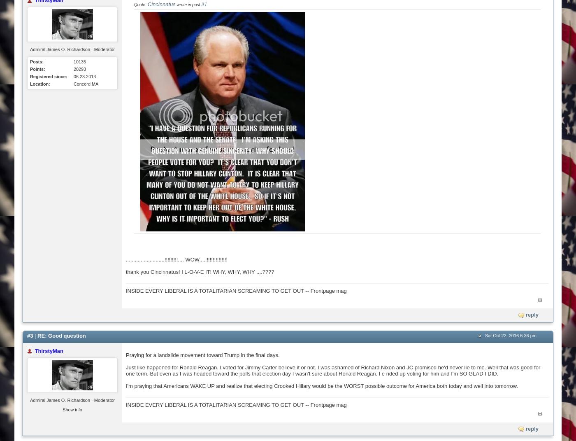  I want to click on 'wrote in post', so click(188, 4).